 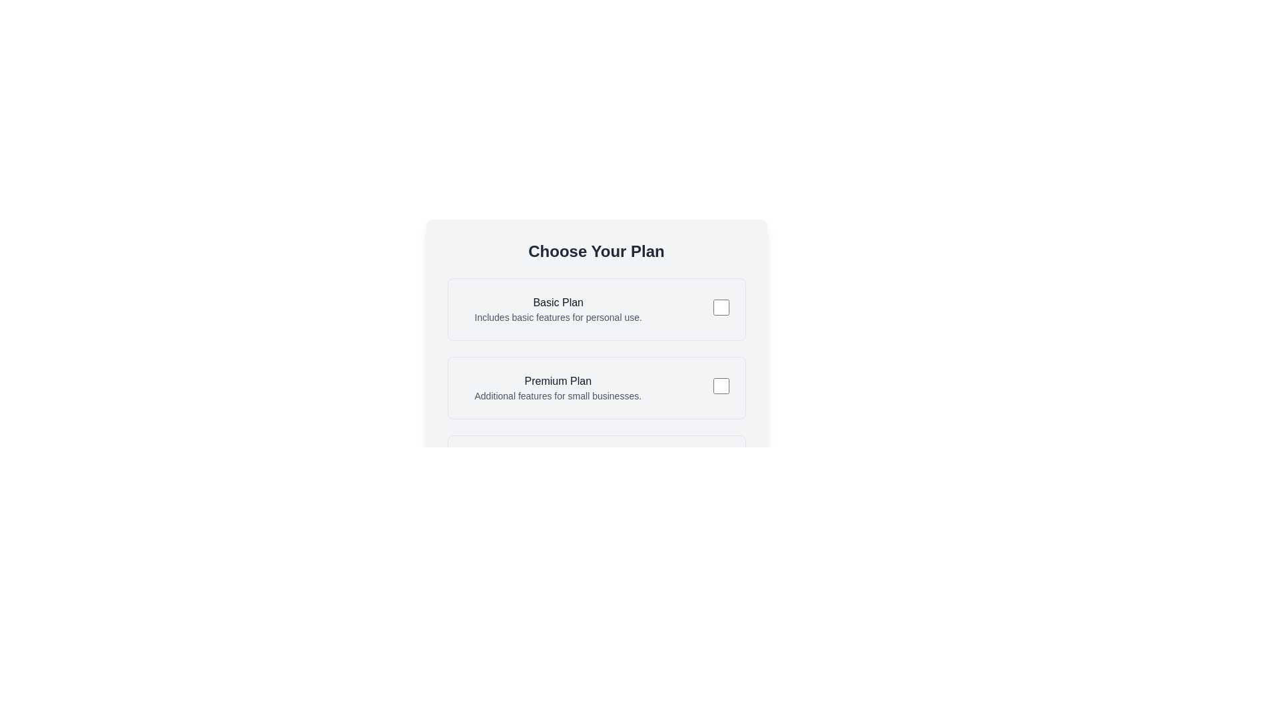 What do you see at coordinates (558, 395) in the screenshot?
I see `the descriptive subtitle text located directly below the 'Premium Plan' heading in the subscription selection interface` at bounding box center [558, 395].